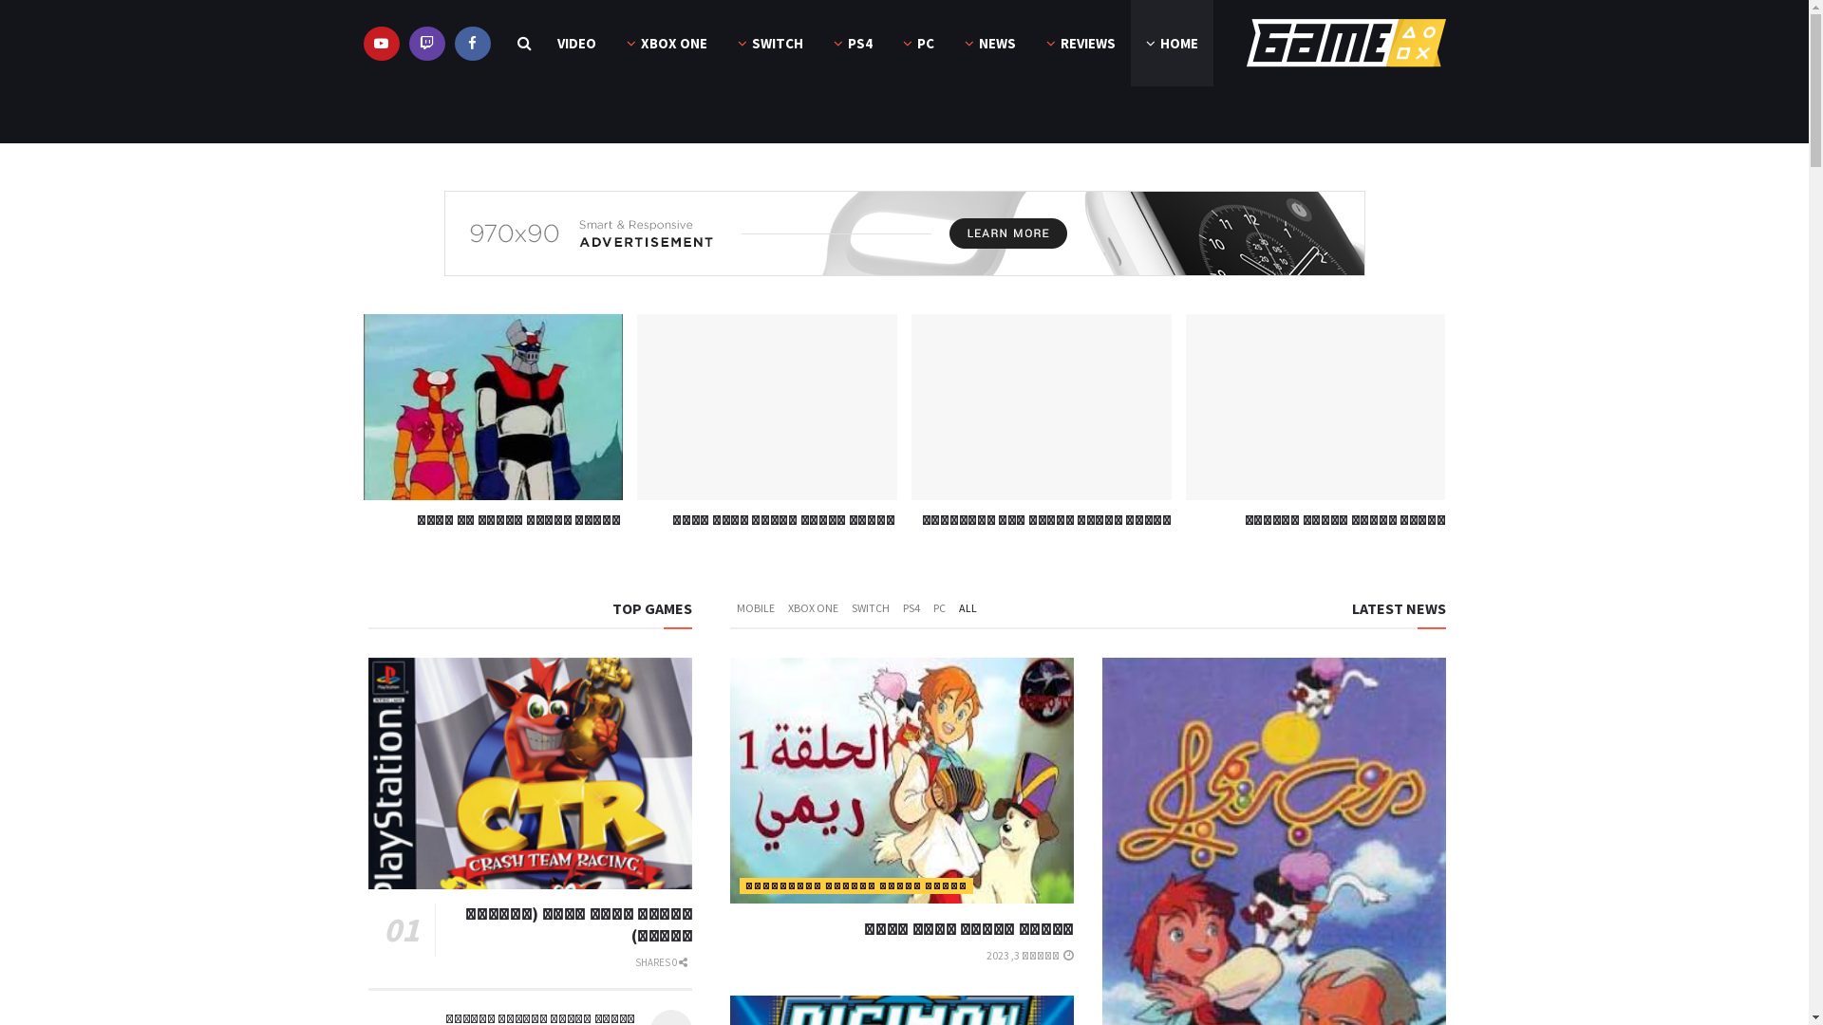 The image size is (1823, 1025). What do you see at coordinates (852, 43) in the screenshot?
I see `'PS4'` at bounding box center [852, 43].